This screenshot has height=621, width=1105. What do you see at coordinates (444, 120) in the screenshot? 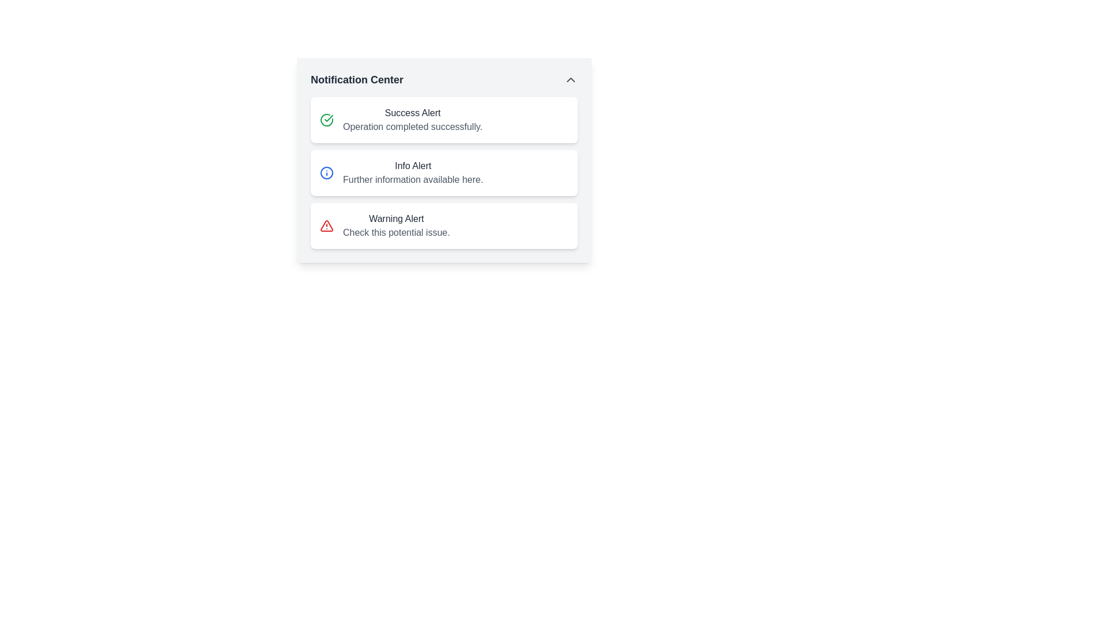
I see `the success status visually` at bounding box center [444, 120].